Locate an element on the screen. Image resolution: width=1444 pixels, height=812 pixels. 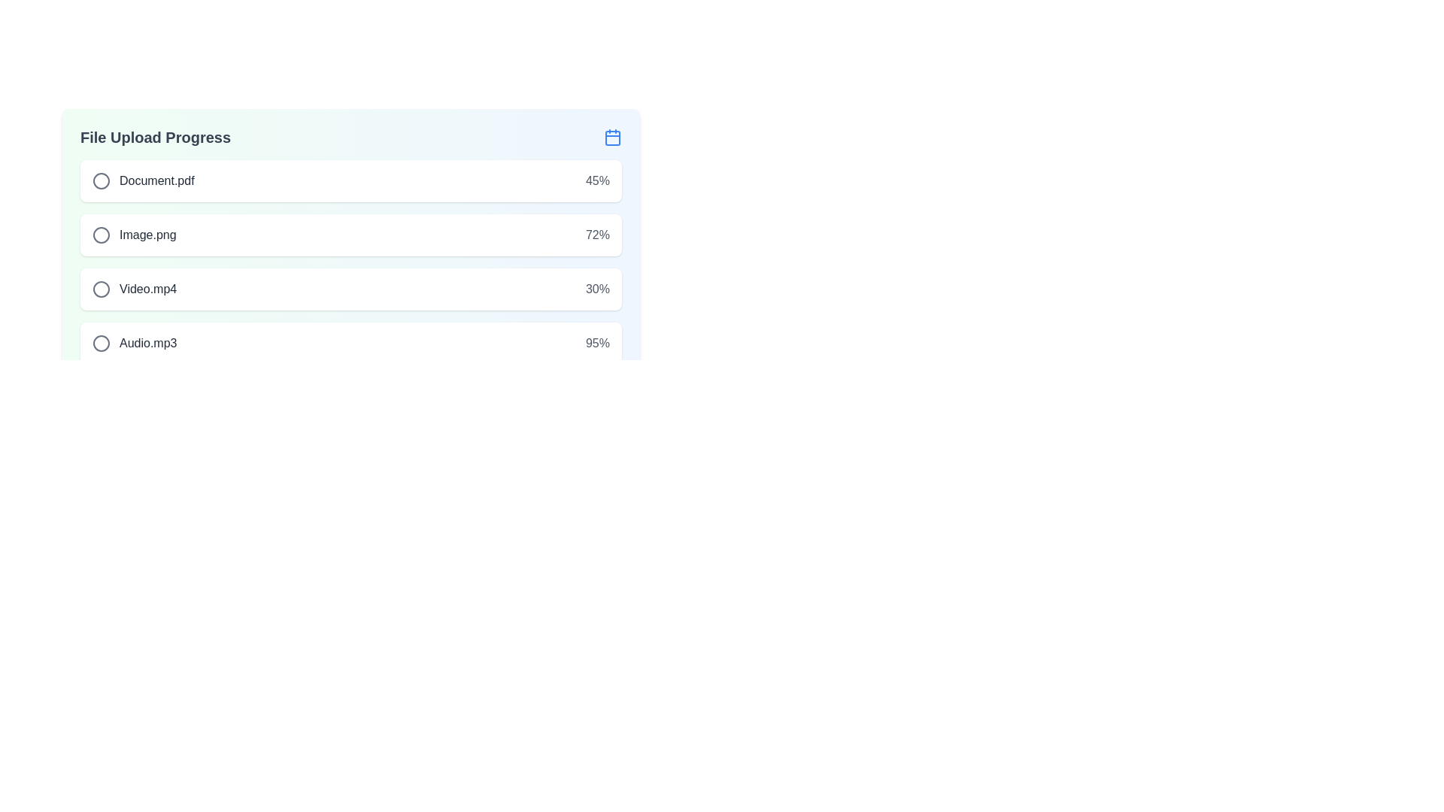
the progress item indicating the upload status of 'Video.mp4' at 30% in the 'File Upload Progress' list is located at coordinates (350, 289).